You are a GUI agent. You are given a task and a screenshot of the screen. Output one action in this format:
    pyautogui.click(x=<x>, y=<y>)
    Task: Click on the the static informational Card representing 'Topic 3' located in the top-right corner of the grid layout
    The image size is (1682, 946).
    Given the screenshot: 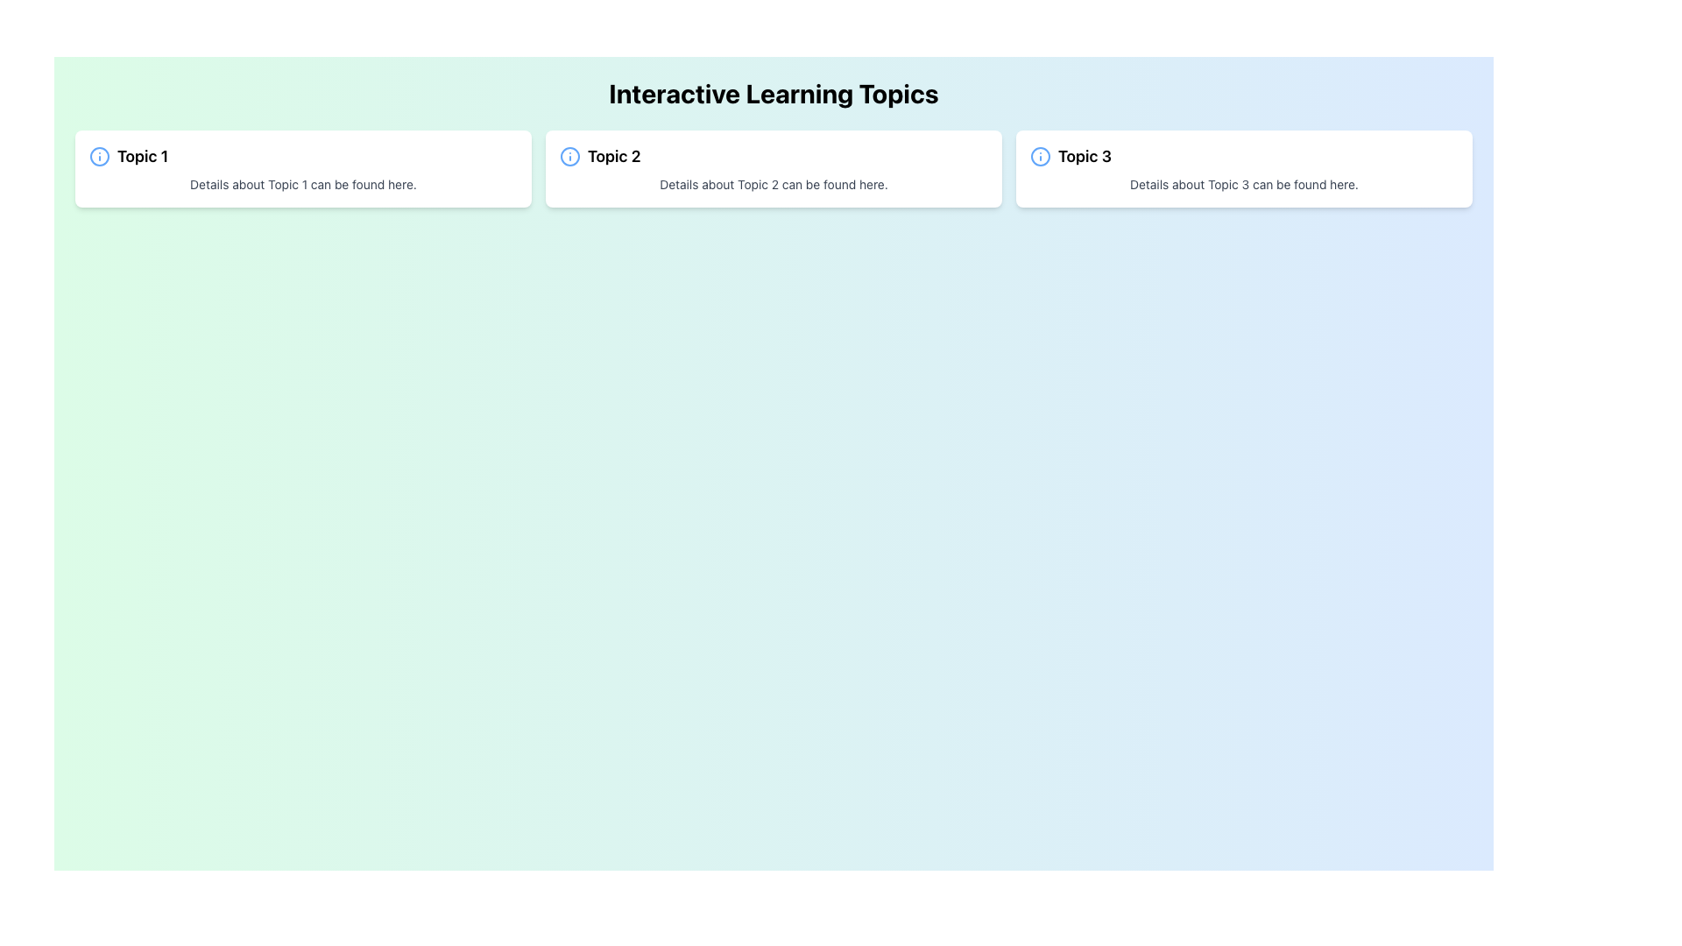 What is the action you would take?
    pyautogui.click(x=1243, y=168)
    